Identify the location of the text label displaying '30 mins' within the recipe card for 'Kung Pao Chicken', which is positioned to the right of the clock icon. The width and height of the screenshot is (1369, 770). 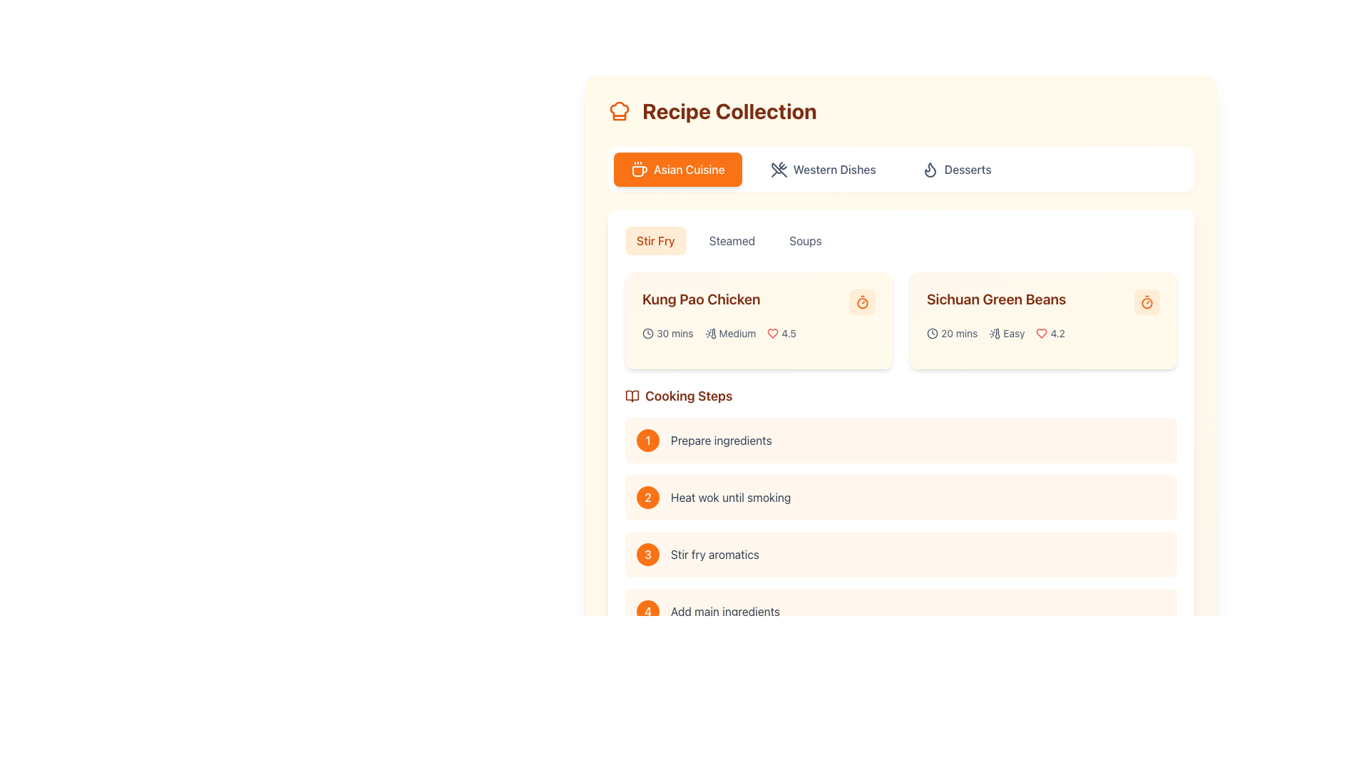
(674, 333).